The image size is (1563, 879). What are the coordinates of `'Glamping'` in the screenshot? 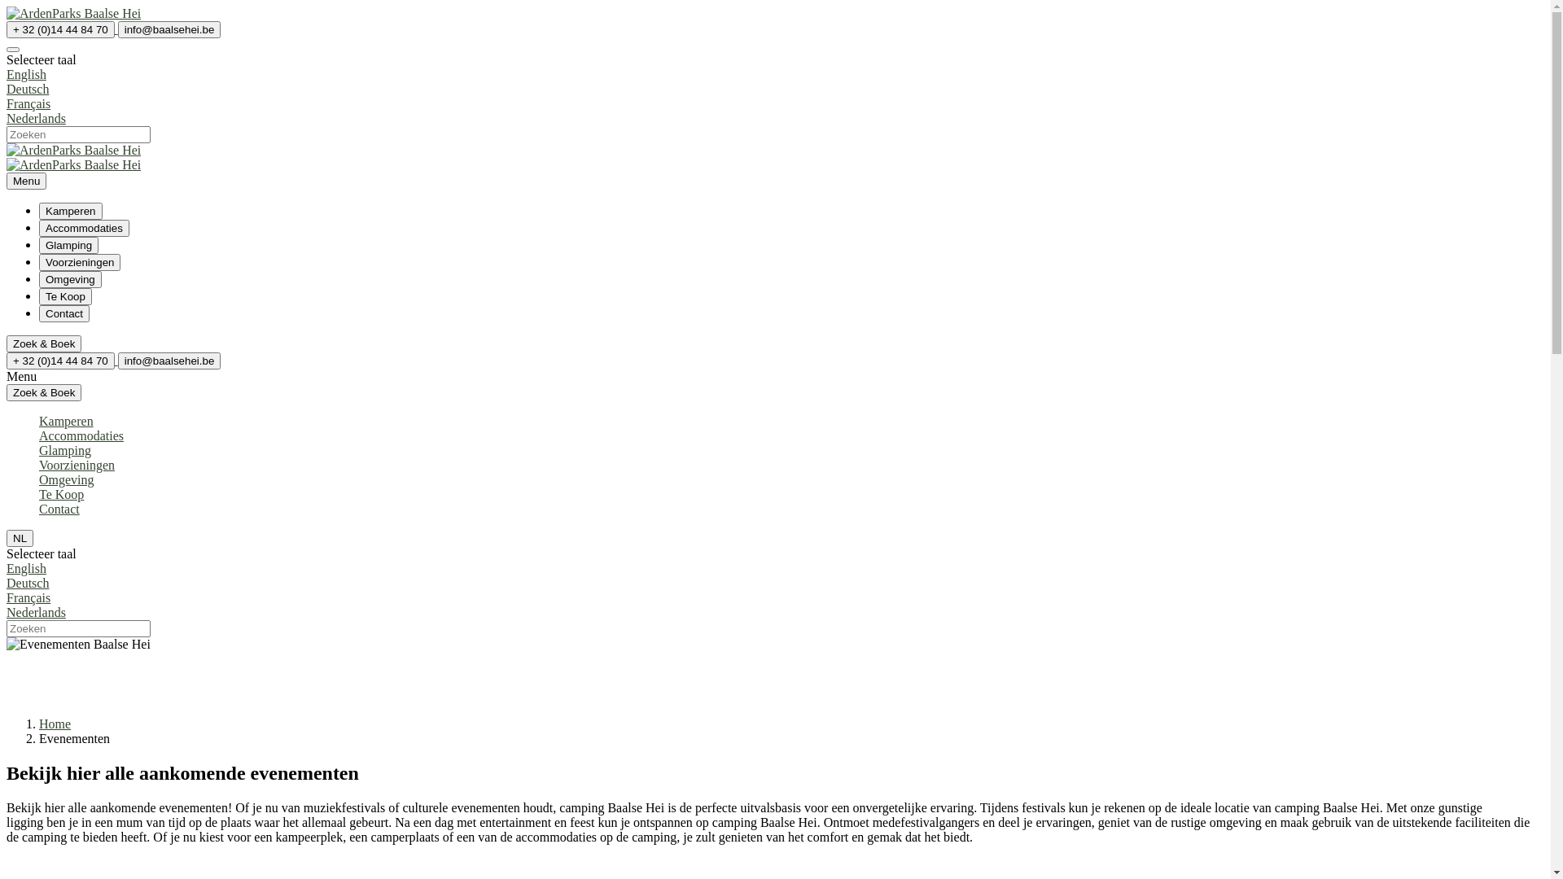 It's located at (65, 450).